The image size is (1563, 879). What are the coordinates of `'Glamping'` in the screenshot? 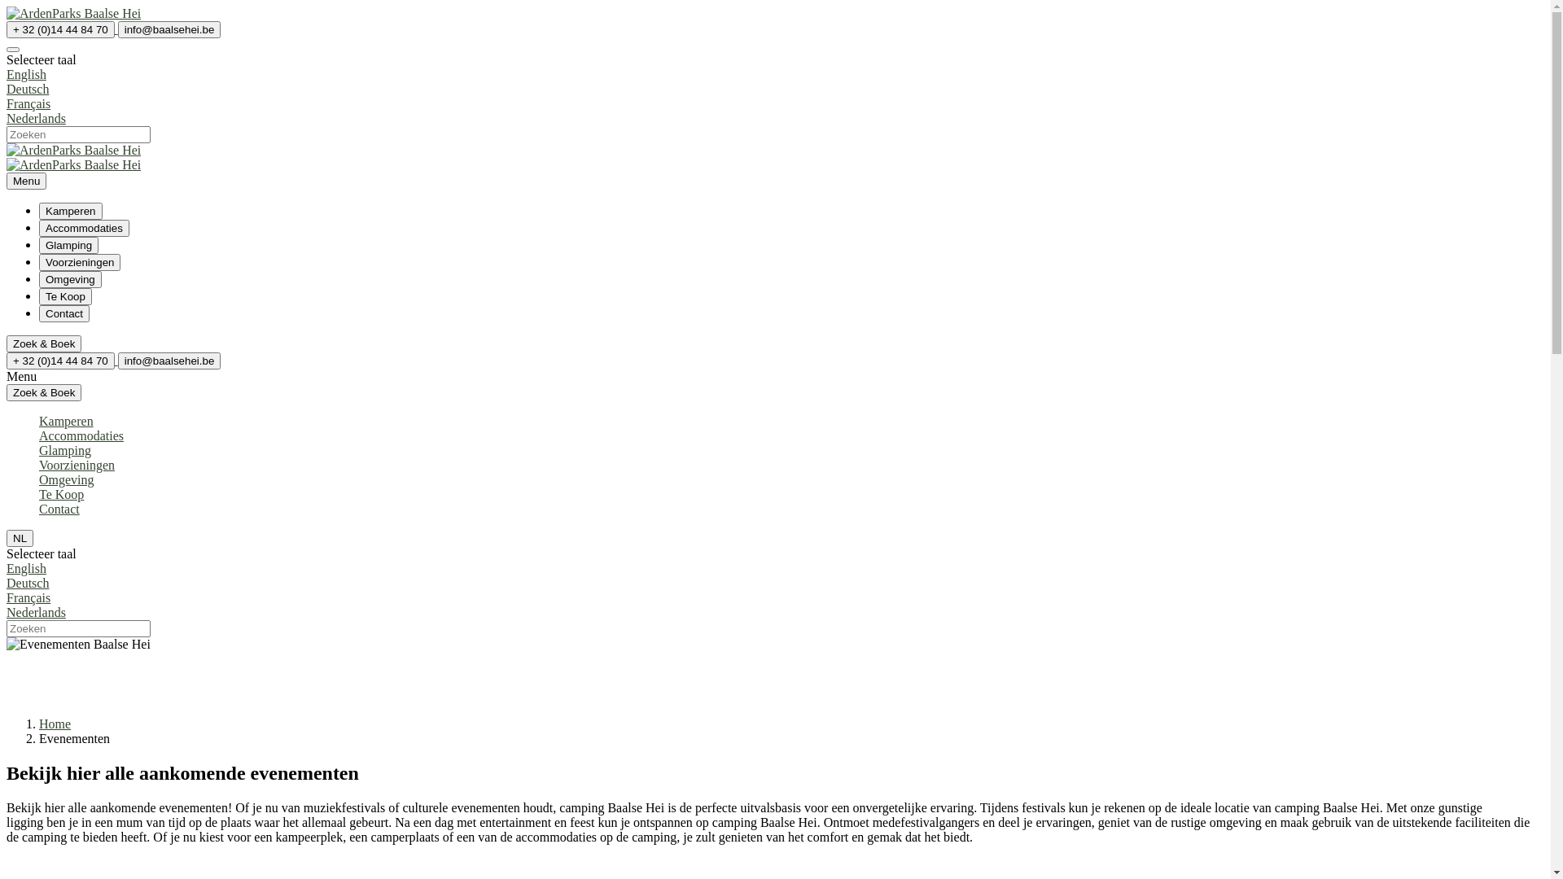 It's located at (65, 450).